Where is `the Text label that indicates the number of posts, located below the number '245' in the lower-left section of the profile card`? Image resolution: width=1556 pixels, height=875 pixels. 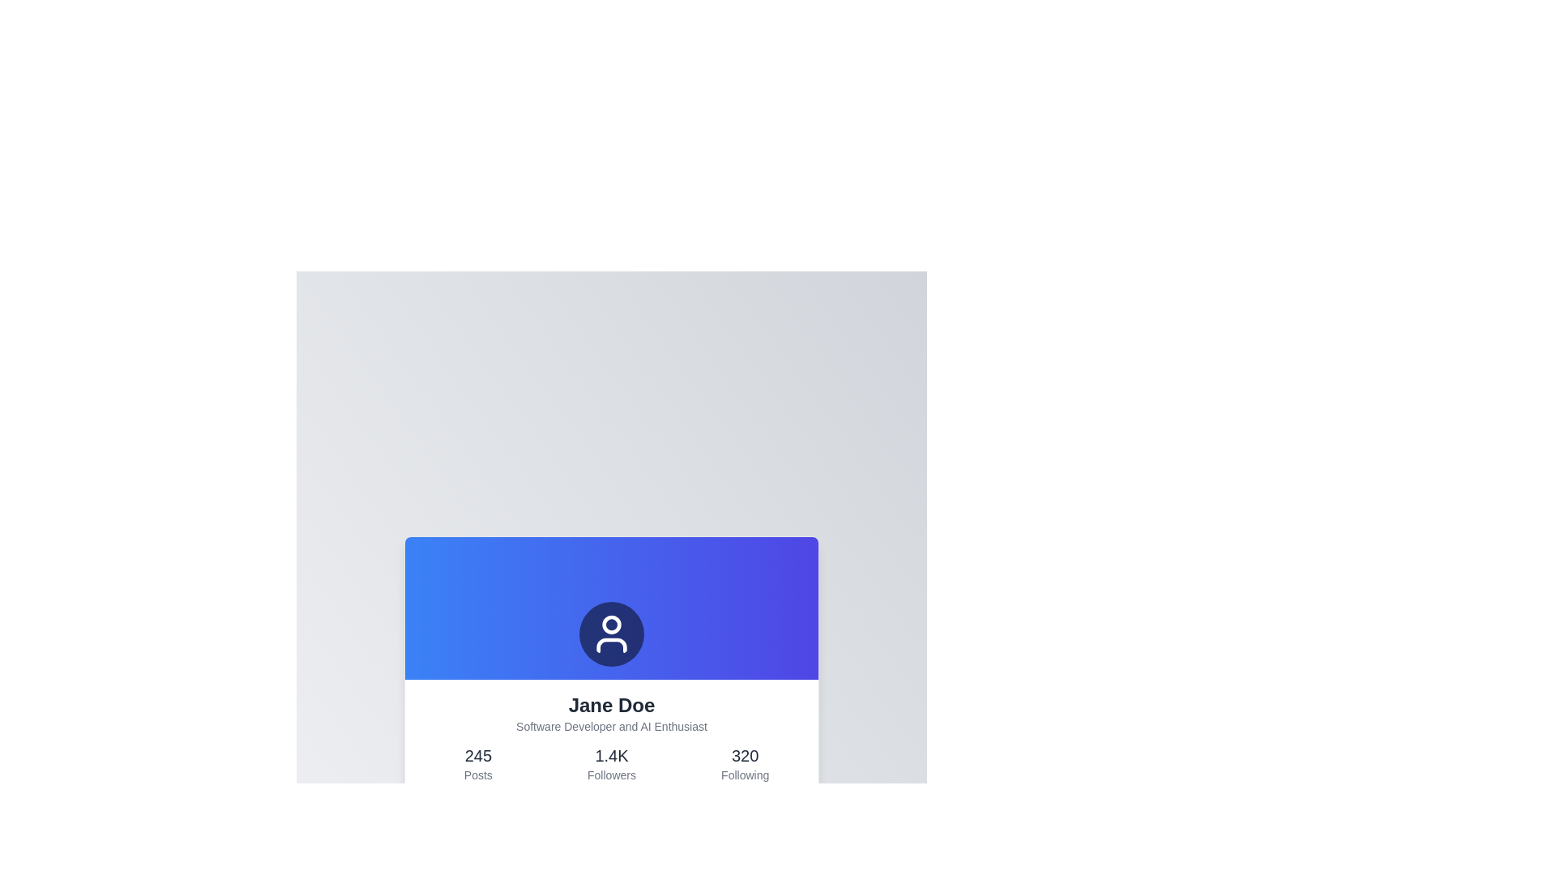
the Text label that indicates the number of posts, located below the number '245' in the lower-left section of the profile card is located at coordinates (477, 774).